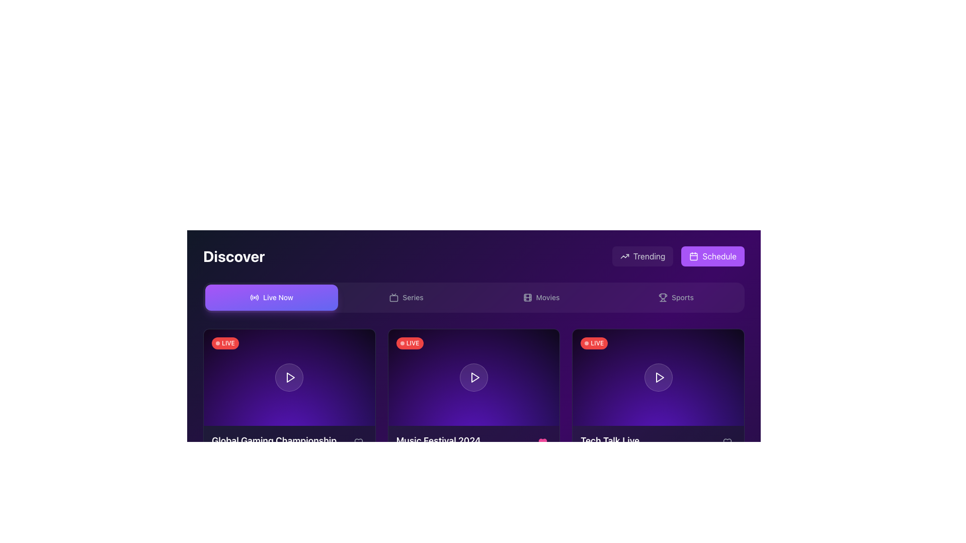  Describe the element at coordinates (406, 297) in the screenshot. I see `the 'Series' button, which is the second button in a horizontal group of four buttons, identified by its purple backdrop and television-like icon with gray text` at that location.